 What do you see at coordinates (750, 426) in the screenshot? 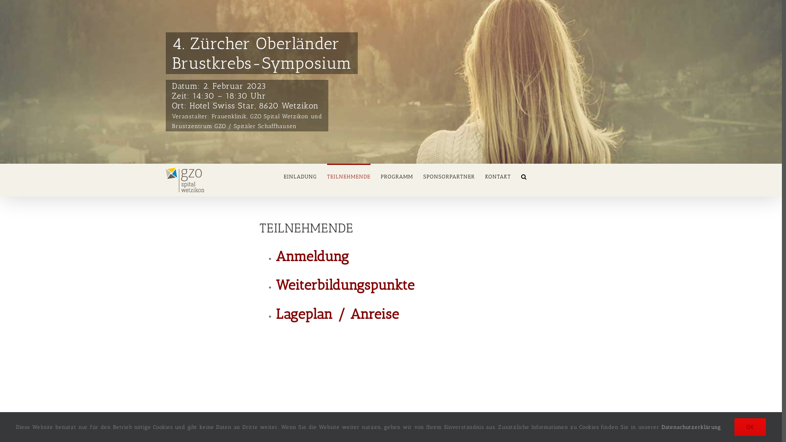
I see `'OK'` at bounding box center [750, 426].